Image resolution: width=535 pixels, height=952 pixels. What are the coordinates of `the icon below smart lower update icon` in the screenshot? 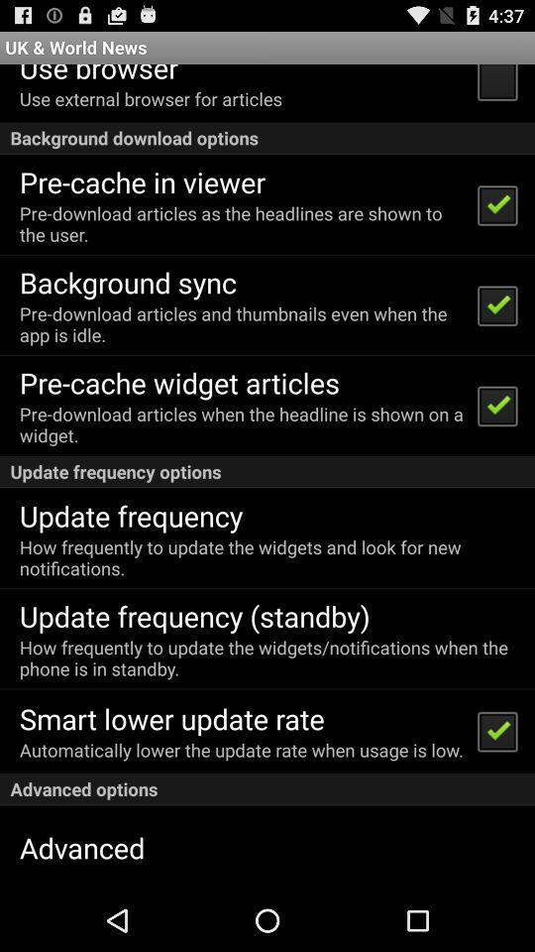 It's located at (241, 749).